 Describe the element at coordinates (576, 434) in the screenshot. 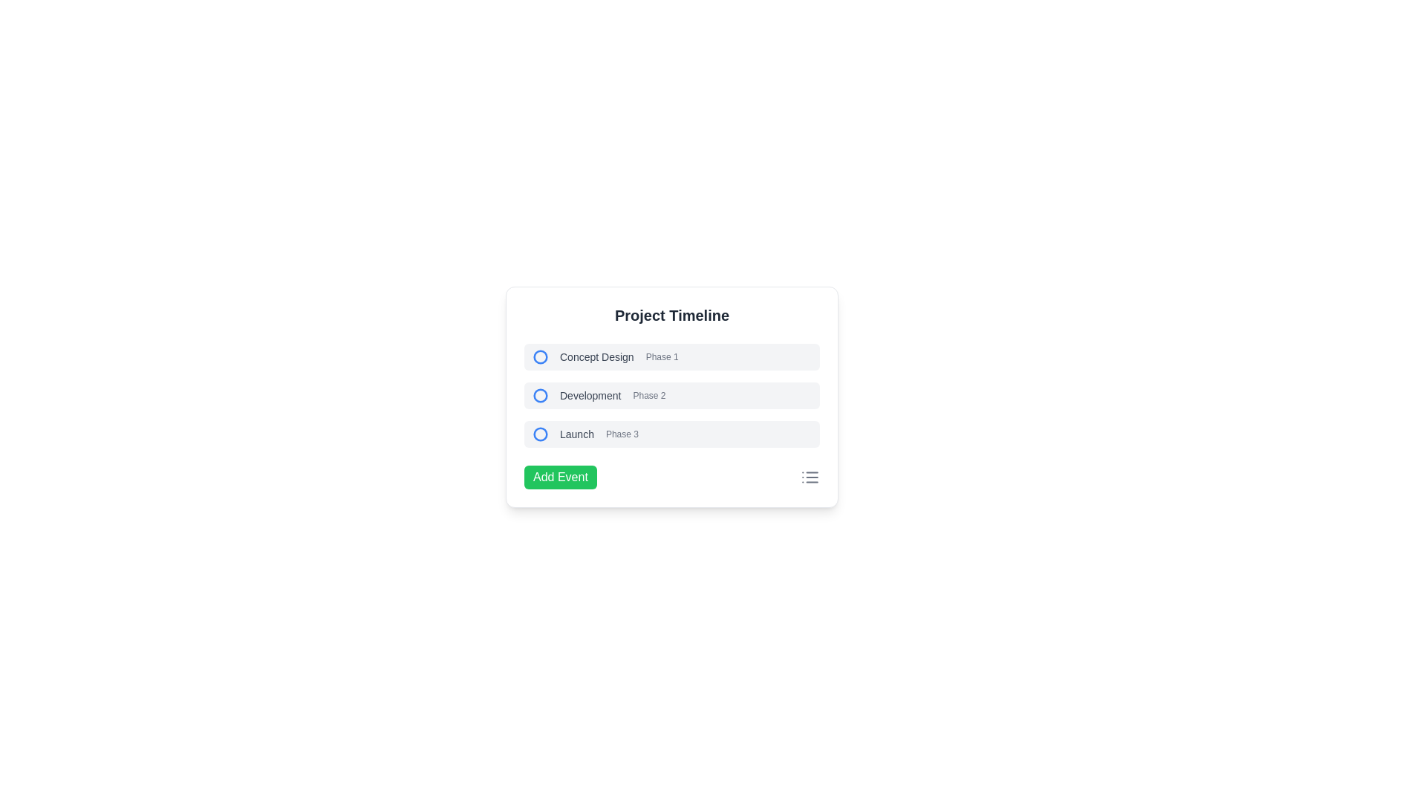

I see `the static text element that serves as a descriptor for 'Launch Phase 3', located in the third position of a vertical list, next to a blue circular icon and above a smaller text stating 'Phase 3'` at that location.